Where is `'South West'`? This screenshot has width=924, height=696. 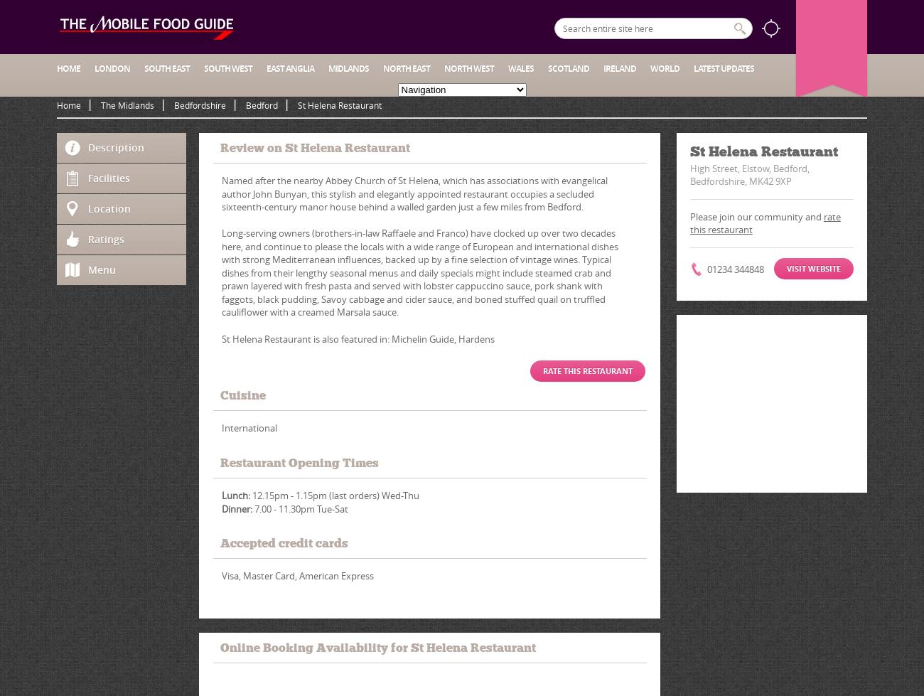 'South West' is located at coordinates (227, 68).